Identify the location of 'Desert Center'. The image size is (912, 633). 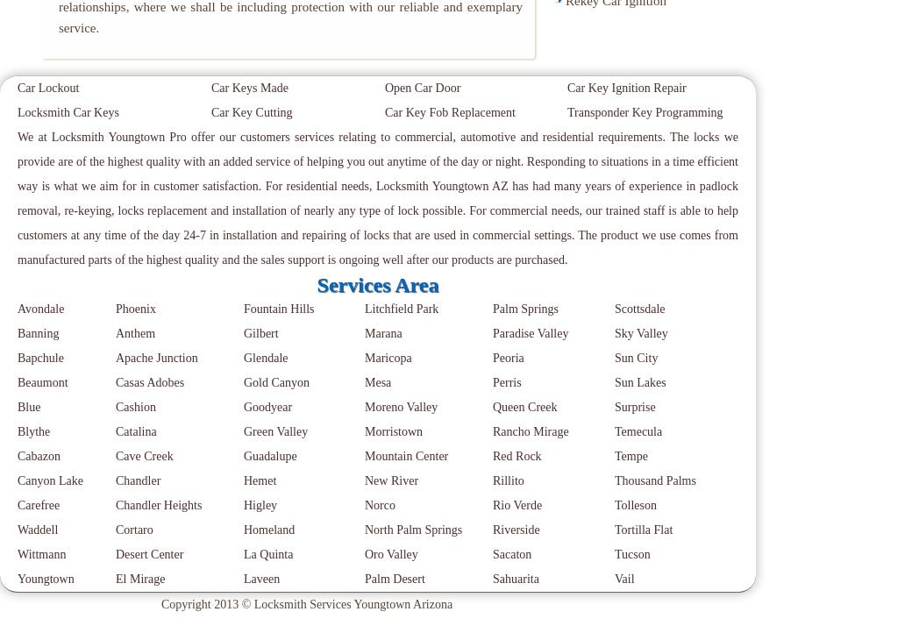
(149, 554).